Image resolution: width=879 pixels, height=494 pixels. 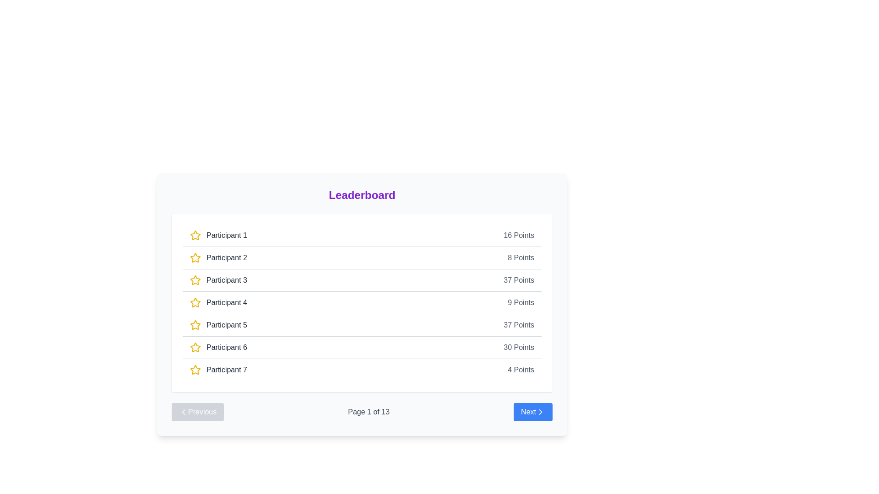 I want to click on the chevron-right icon located at the bottom-right corner of the leaderboard interface, so click(x=540, y=412).